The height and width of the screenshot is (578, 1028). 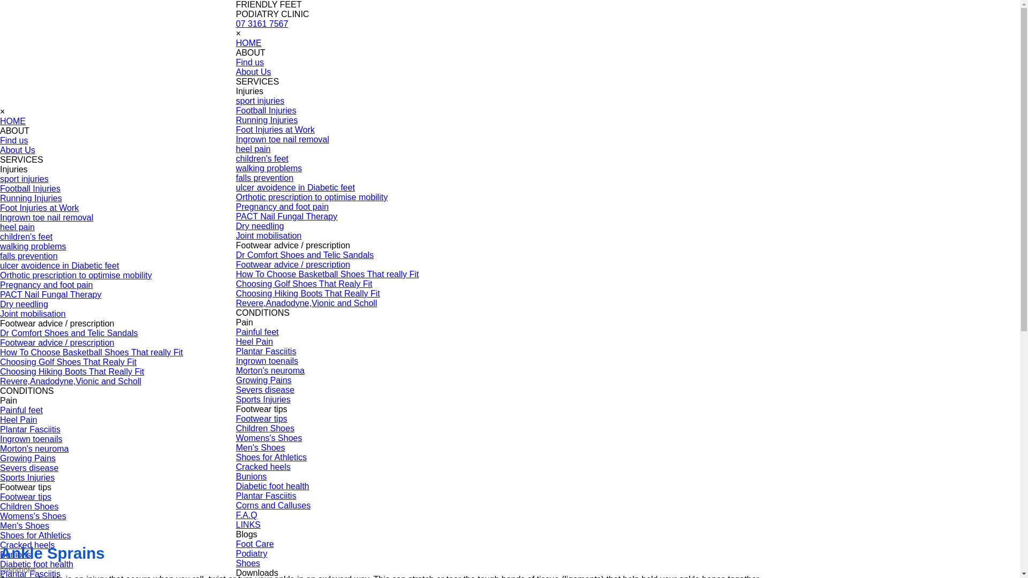 I want to click on 'falls prevention', so click(x=28, y=256).